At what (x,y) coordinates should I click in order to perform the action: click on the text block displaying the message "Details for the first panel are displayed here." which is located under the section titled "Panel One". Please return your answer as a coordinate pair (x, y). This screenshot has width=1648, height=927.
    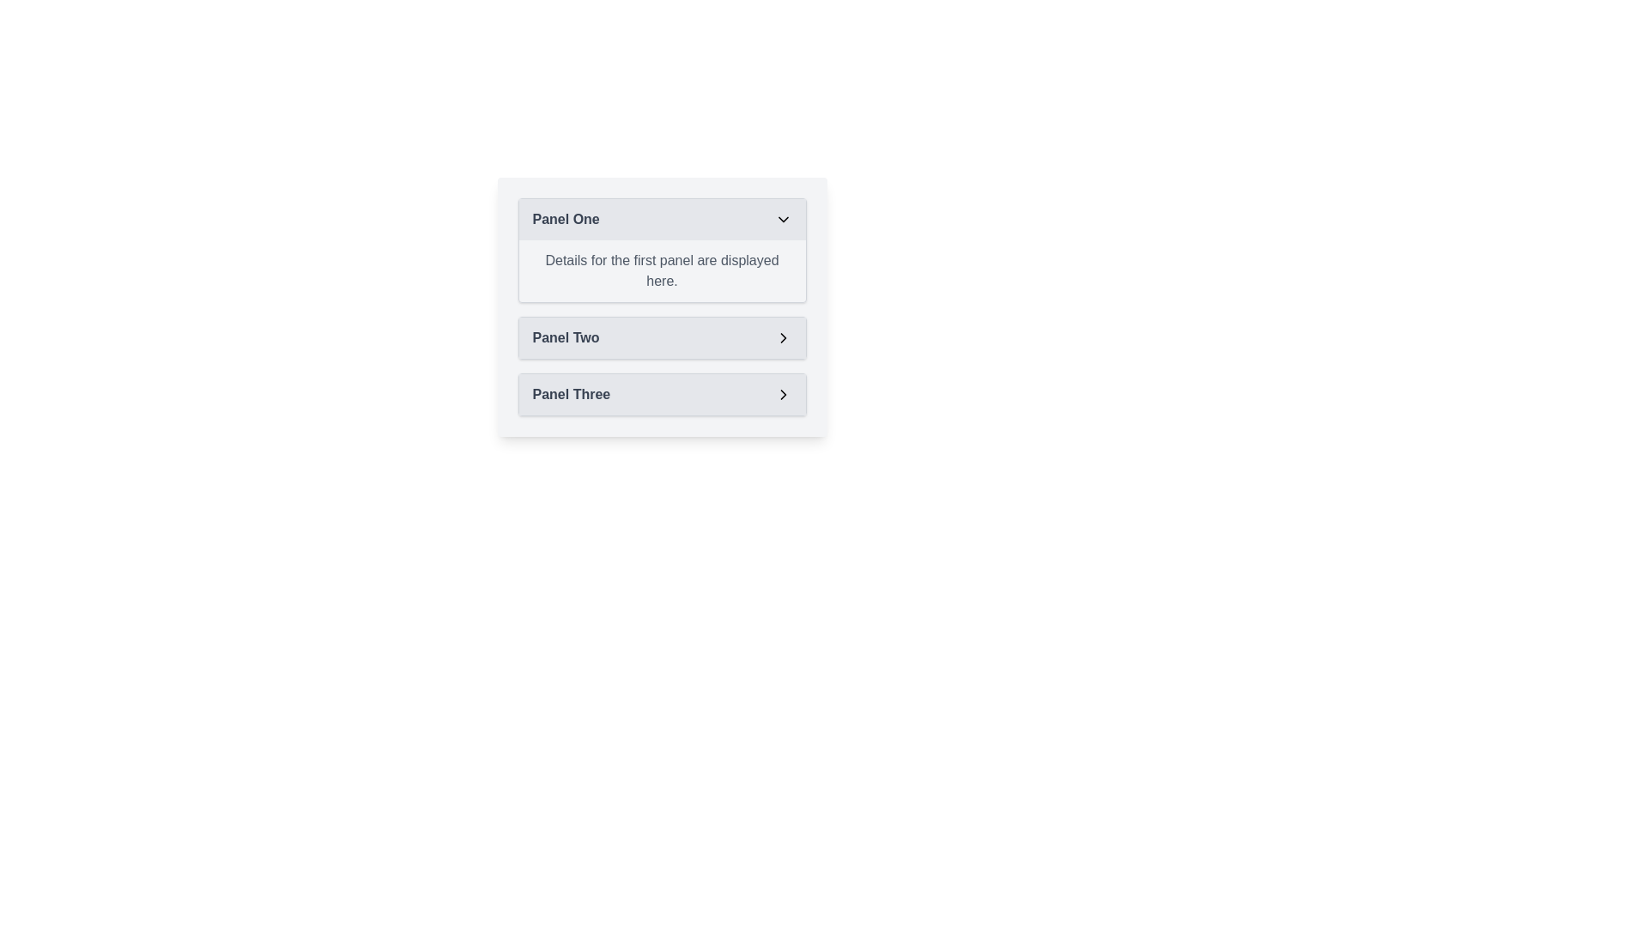
    Looking at the image, I should click on (661, 270).